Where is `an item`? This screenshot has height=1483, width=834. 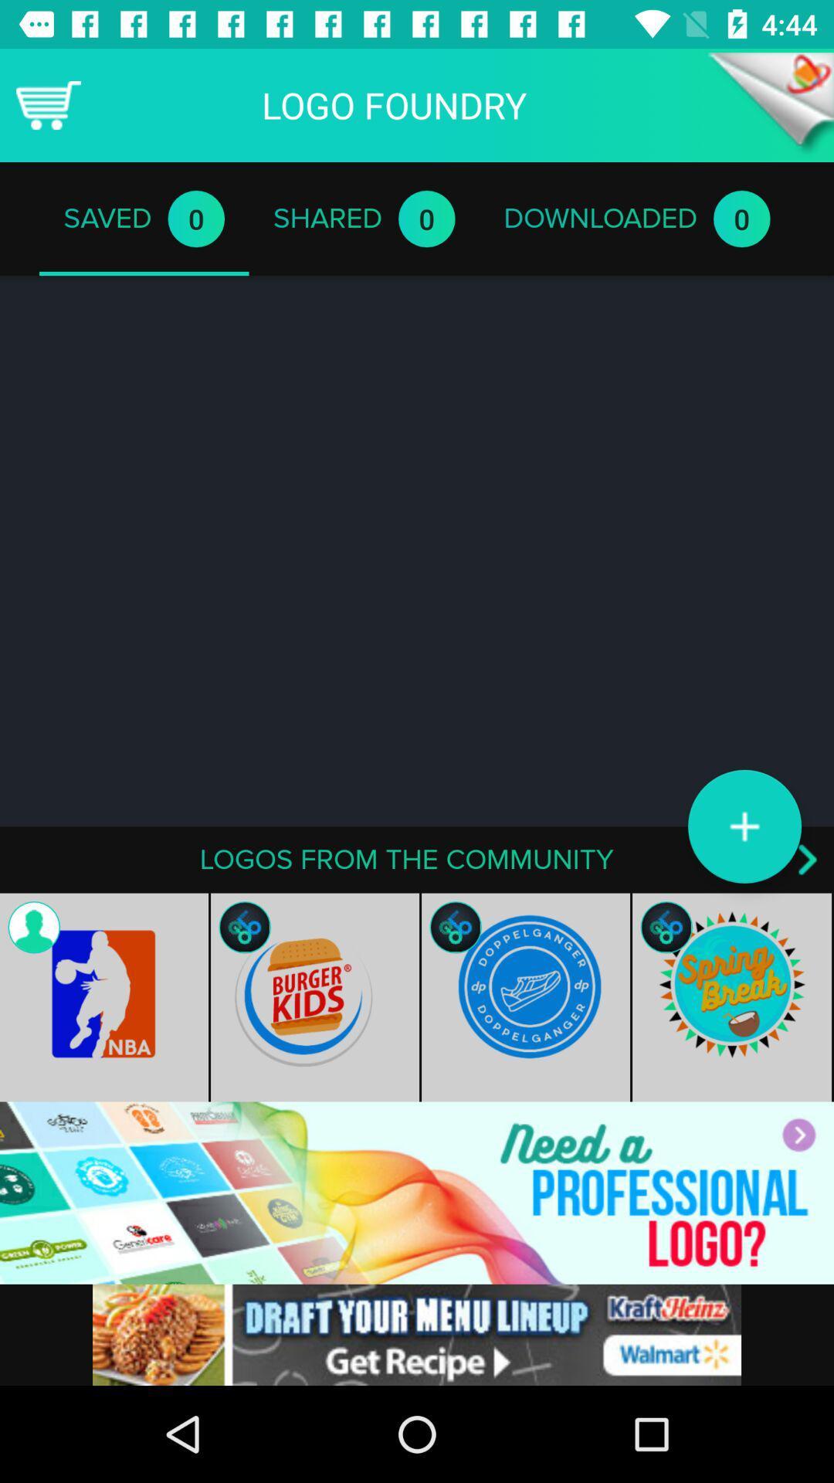
an item is located at coordinates (744, 826).